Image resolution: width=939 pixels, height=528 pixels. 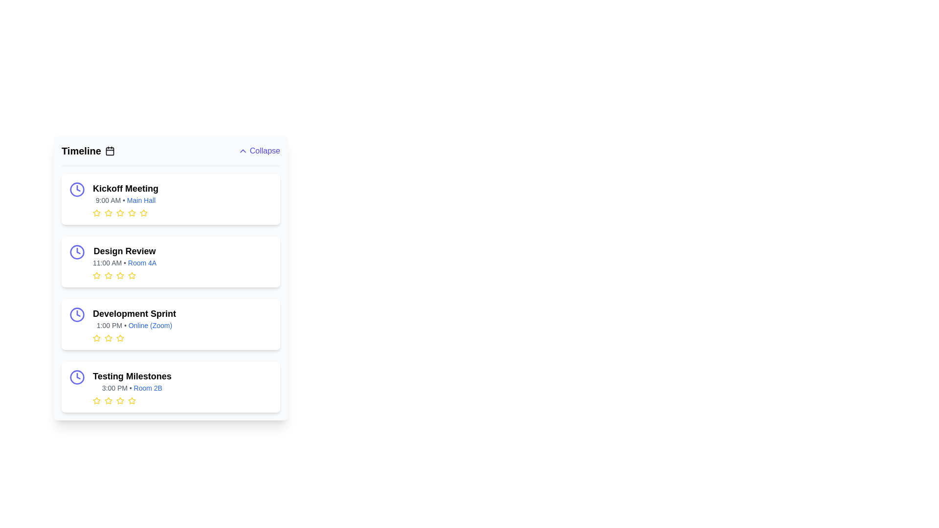 I want to click on the first star icon in the rating scale under the 'Design Review' section to provide a rating, so click(x=96, y=275).